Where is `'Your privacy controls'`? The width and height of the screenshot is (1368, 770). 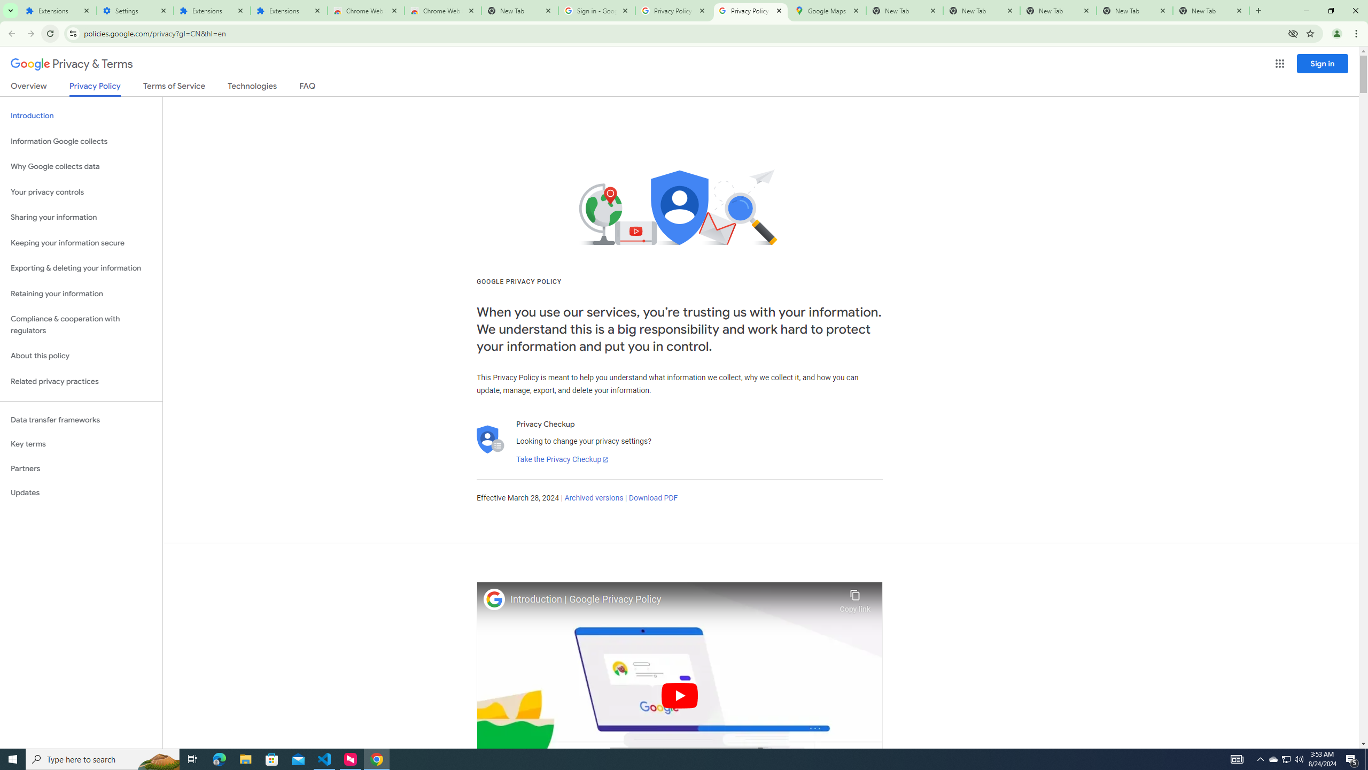 'Your privacy controls' is located at coordinates (81, 192).